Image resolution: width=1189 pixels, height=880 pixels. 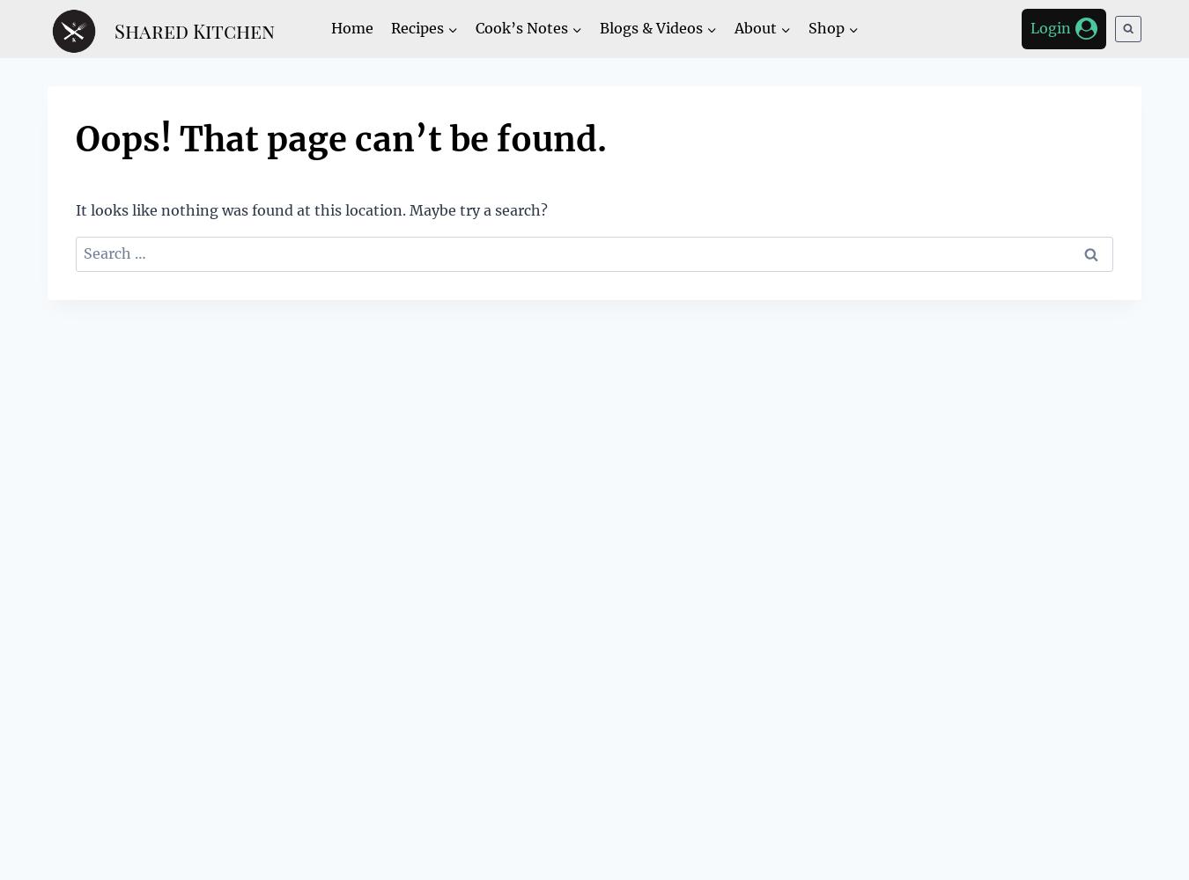 I want to click on 'Oops! That page can’t be found.', so click(x=341, y=139).